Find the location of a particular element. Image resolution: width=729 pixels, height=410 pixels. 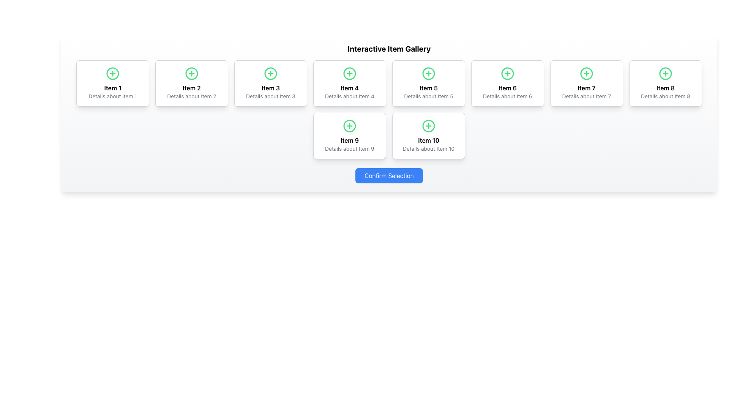

the button located in the card labeled 'Item 7' which is centered above the text 'Item 7' and 'Details about Item 7' is located at coordinates (586, 73).